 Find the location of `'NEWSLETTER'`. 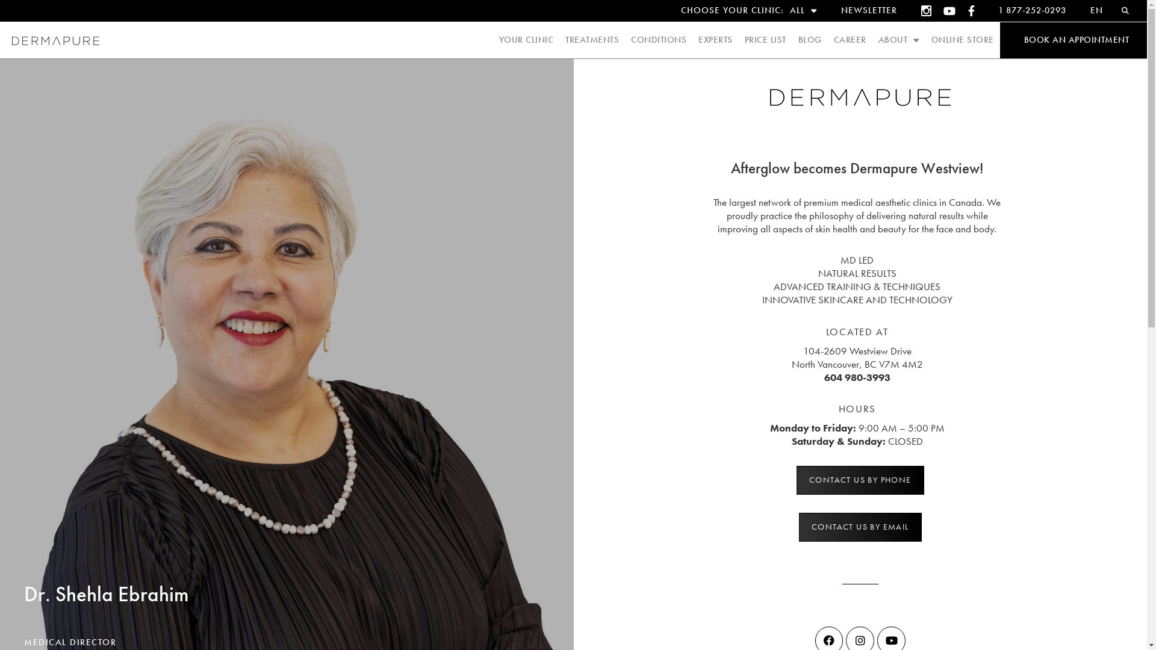

'NEWSLETTER' is located at coordinates (868, 11).